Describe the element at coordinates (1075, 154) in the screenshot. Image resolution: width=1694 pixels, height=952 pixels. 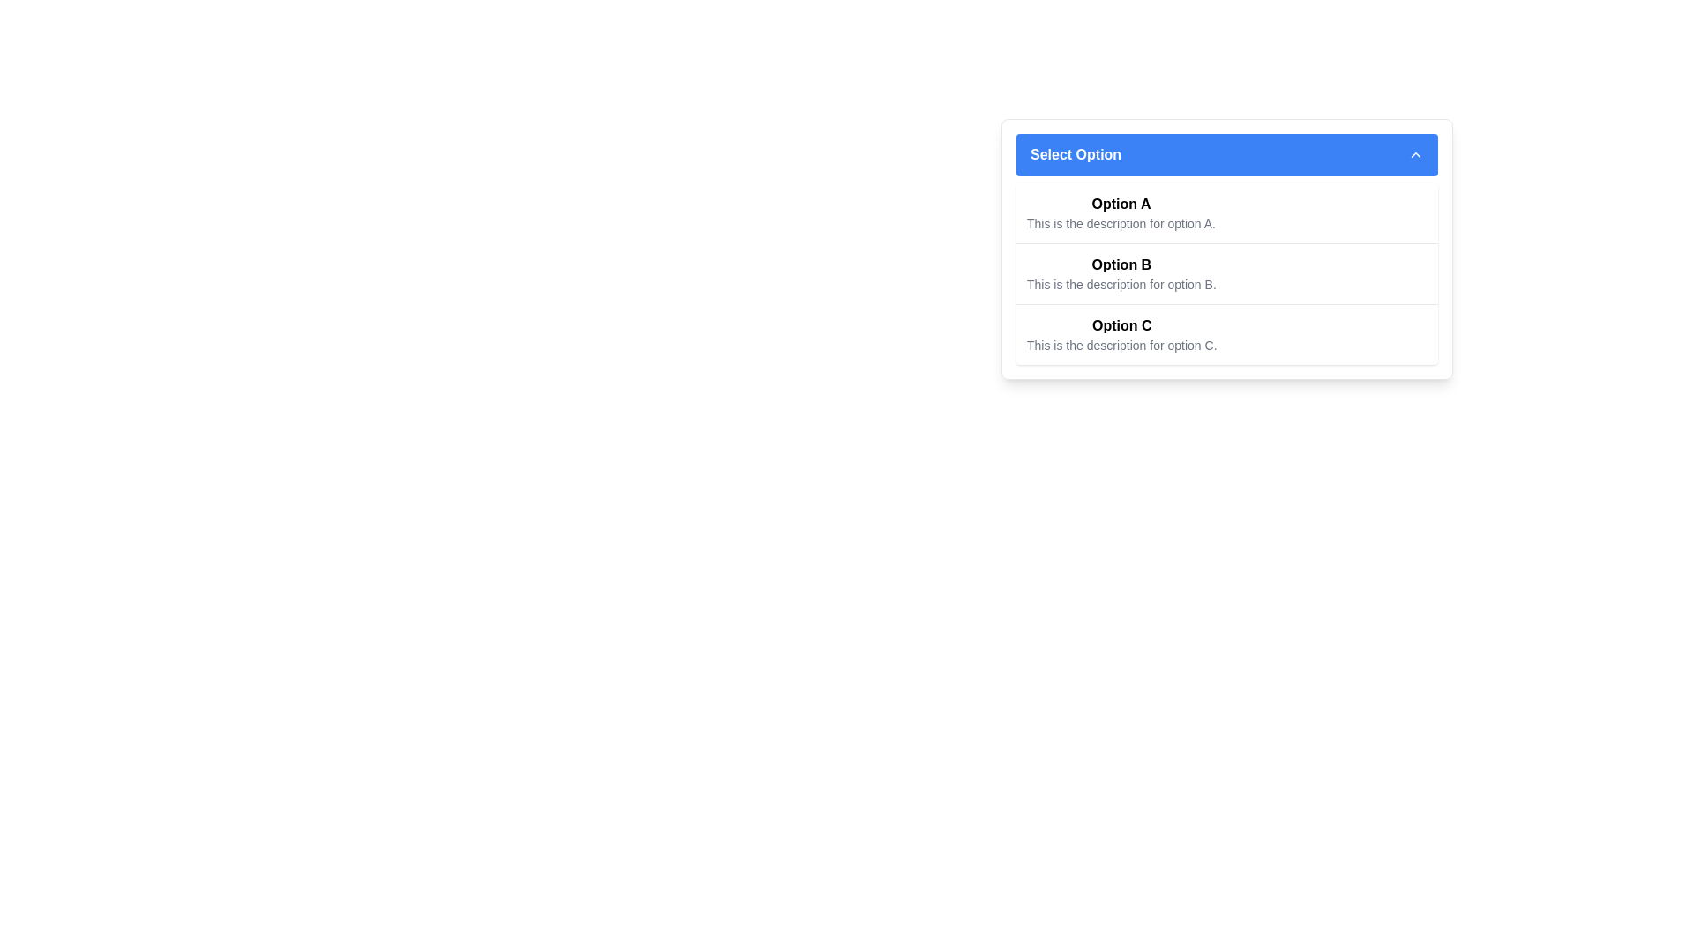
I see `the 'Select Option' text label styled bold with a blue rectangular background and white text color, located near the top-left section of the dropdown menu component` at that location.